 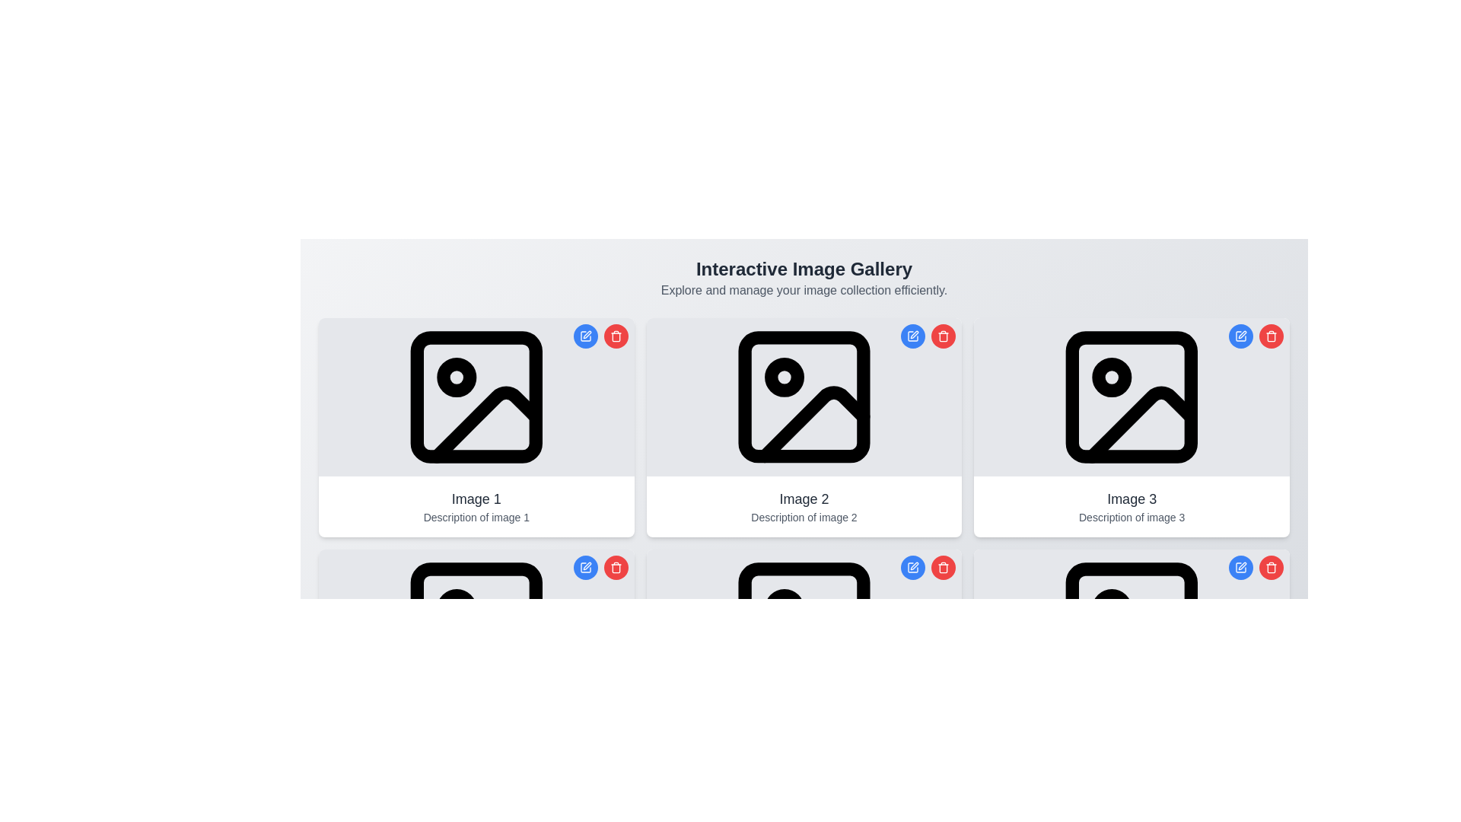 I want to click on image placeholder in the second card labeled 'Image 2', which features a simple graphic design of a framed picture with a circular icon and a diagonal line, so click(x=803, y=396).